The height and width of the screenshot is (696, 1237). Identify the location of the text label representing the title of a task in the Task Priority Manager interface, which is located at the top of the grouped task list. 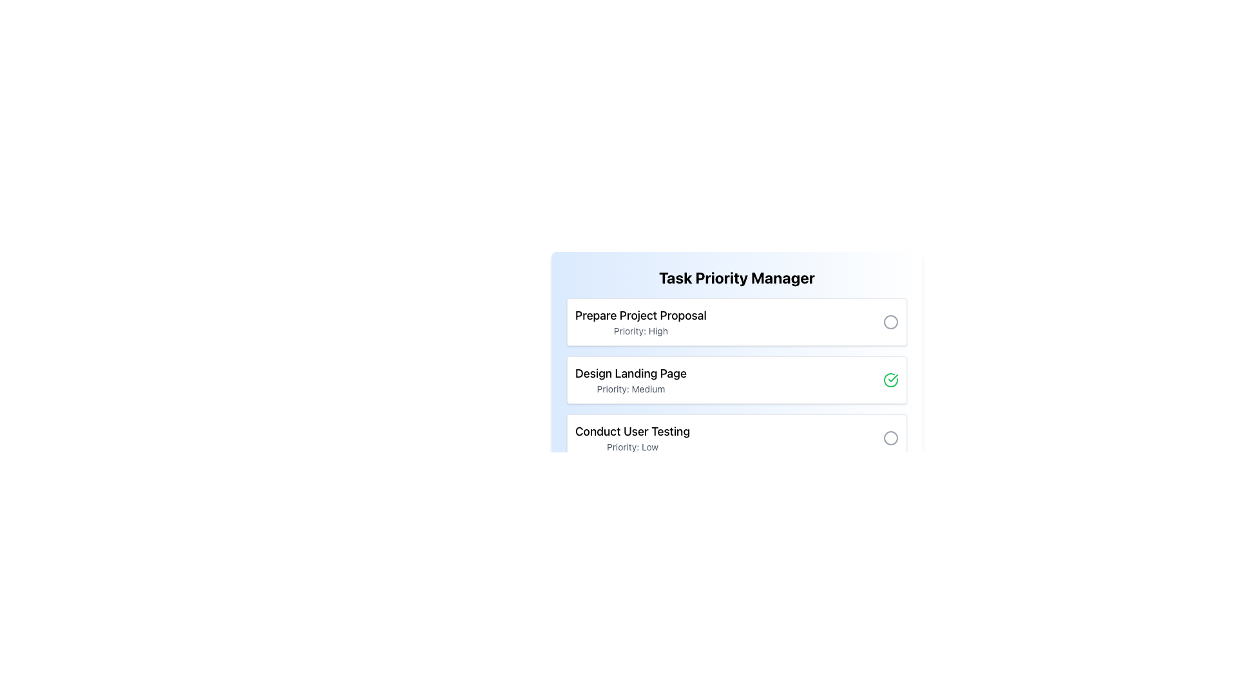
(640, 315).